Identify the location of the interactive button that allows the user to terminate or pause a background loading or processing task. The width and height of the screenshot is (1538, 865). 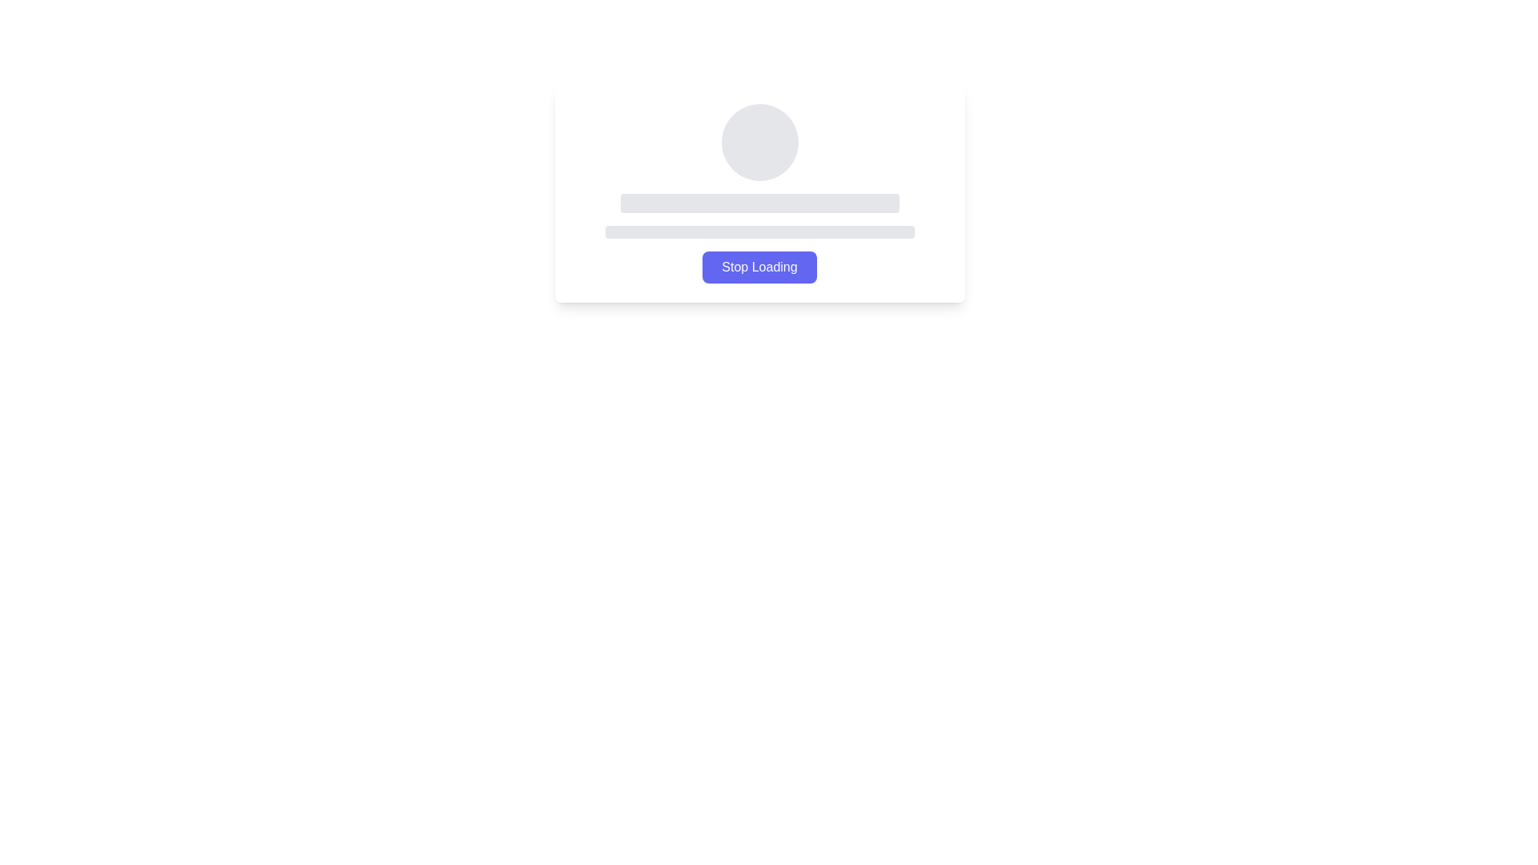
(759, 267).